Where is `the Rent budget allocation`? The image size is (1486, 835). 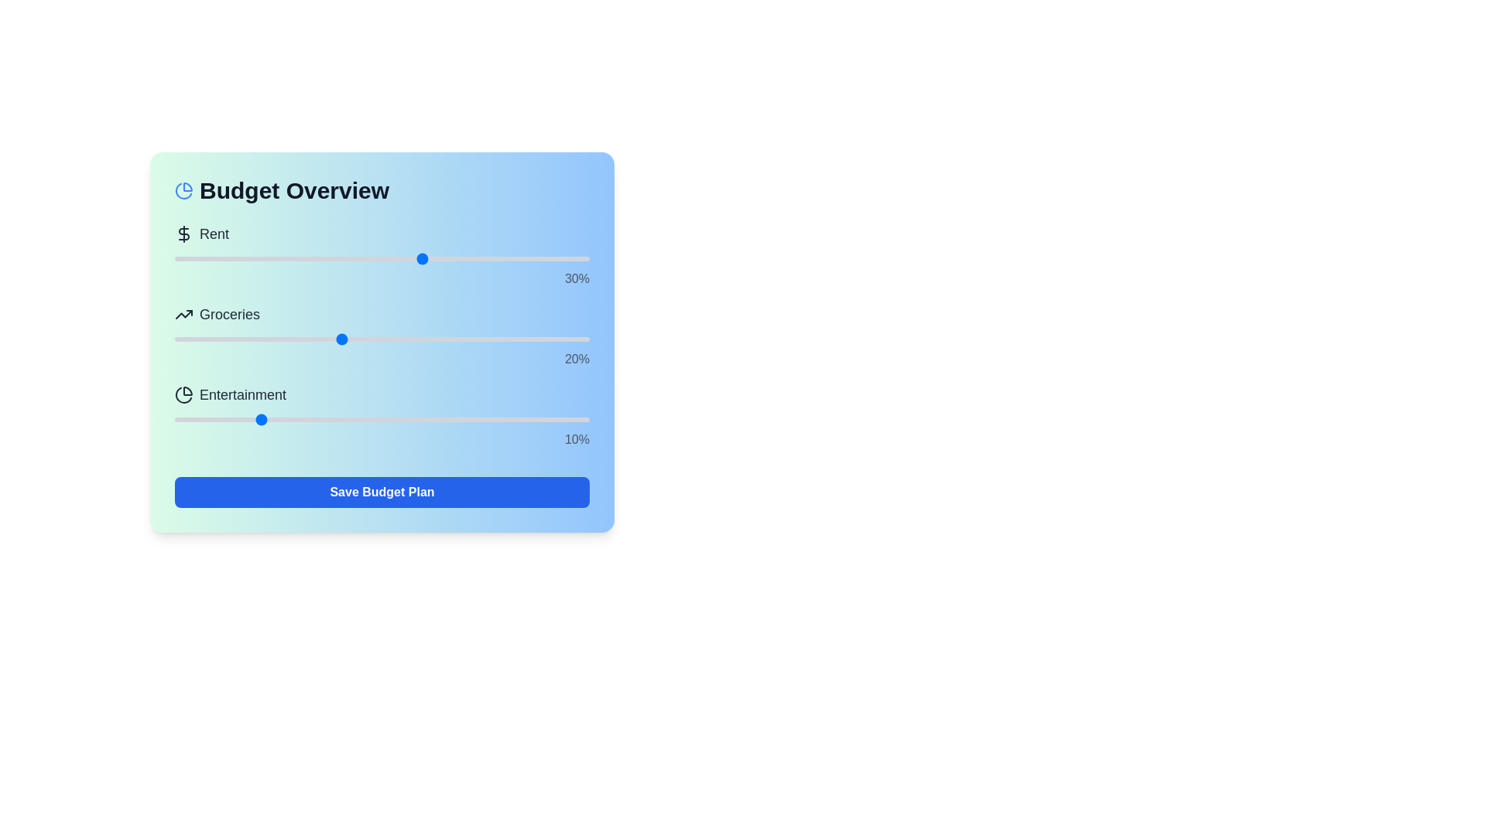
the Rent budget allocation is located at coordinates (274, 258).